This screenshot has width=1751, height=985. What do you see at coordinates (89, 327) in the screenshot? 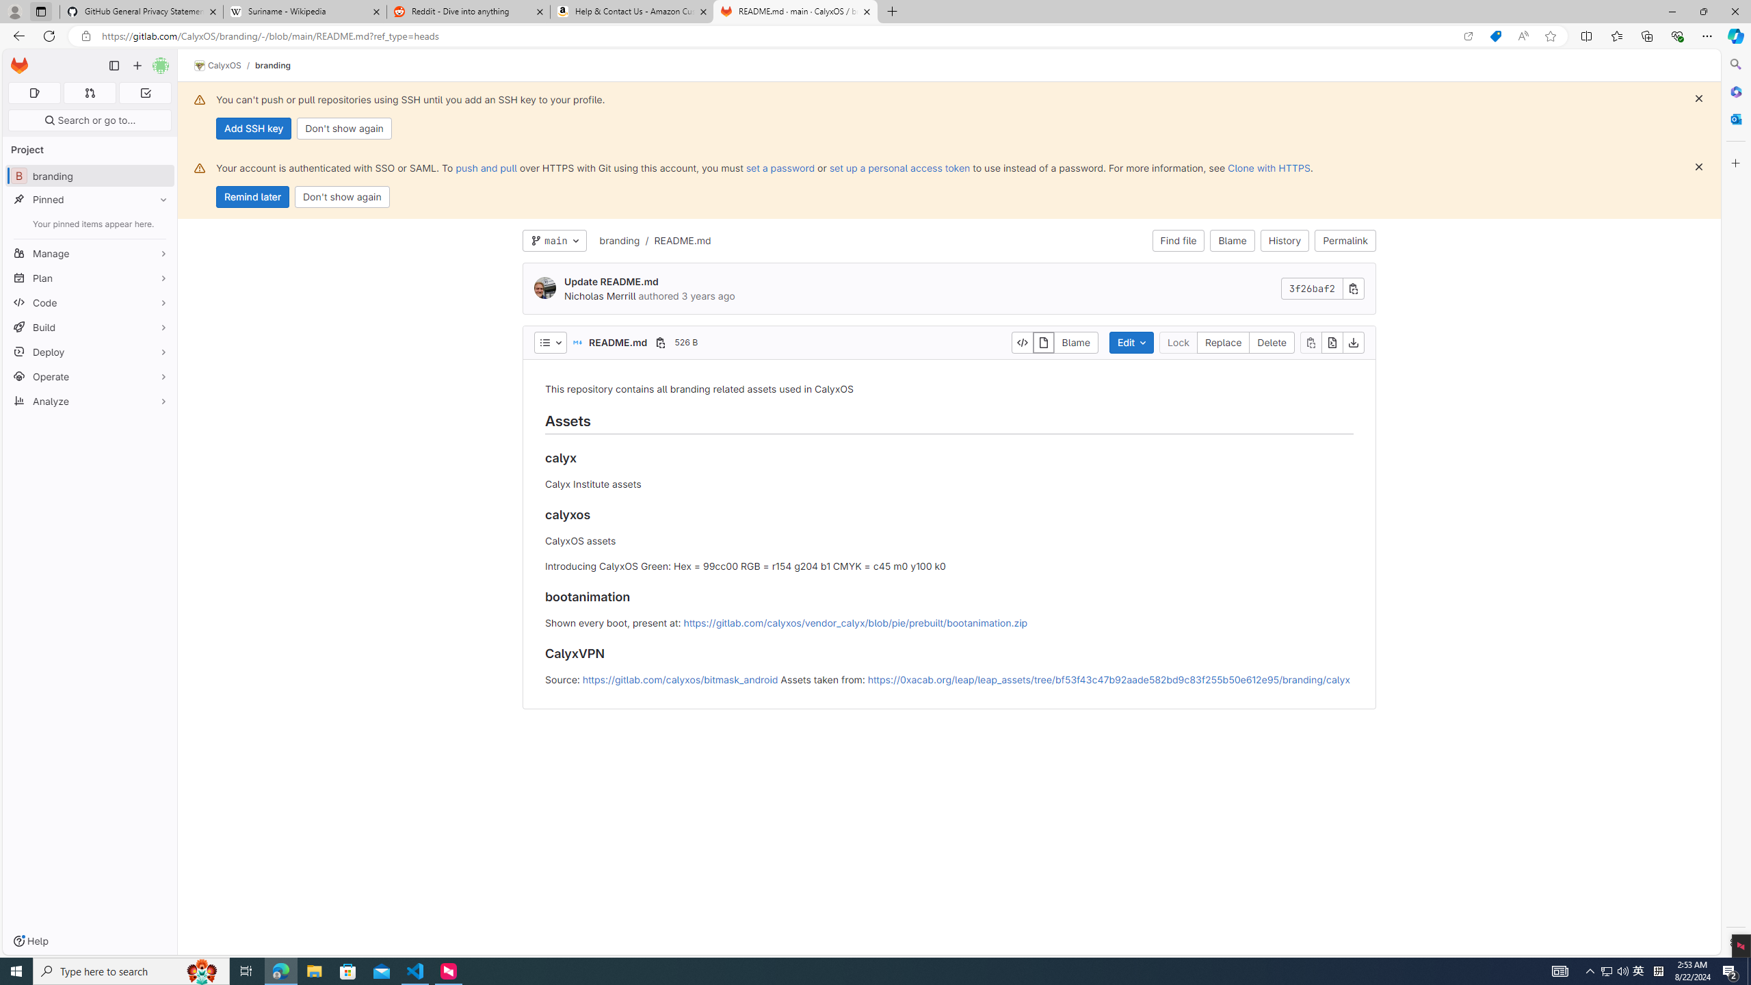
I see `'Build'` at bounding box center [89, 327].